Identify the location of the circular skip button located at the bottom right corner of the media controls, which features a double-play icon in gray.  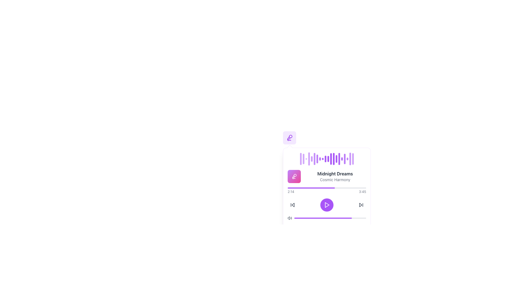
(361, 205).